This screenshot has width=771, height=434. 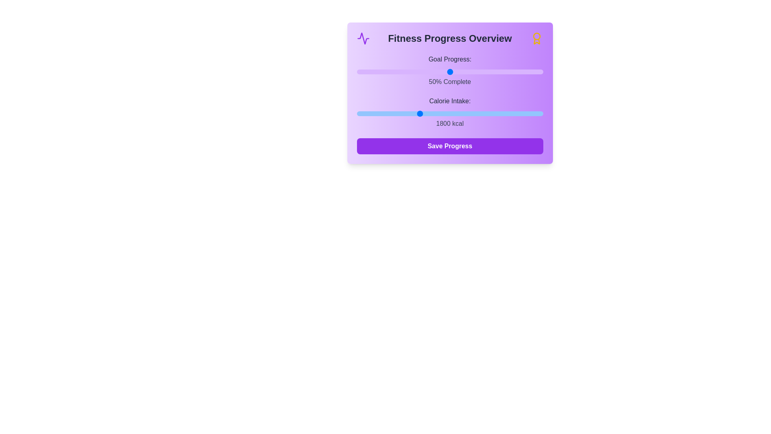 I want to click on the small purple waveform icon located in the header section of the 'Fitness Progress Overview' card, so click(x=363, y=39).